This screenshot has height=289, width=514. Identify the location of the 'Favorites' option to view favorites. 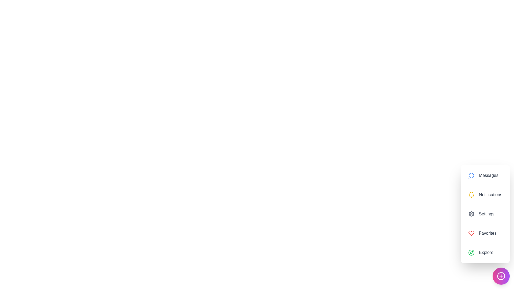
(485, 233).